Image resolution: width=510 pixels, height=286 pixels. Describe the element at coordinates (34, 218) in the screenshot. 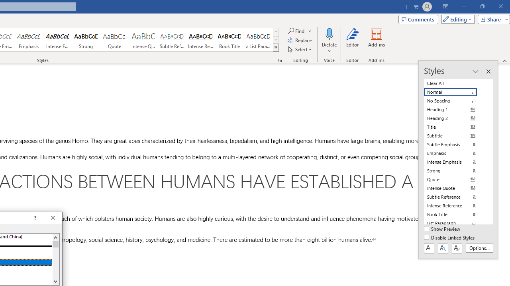

I see `'Context help'` at that location.